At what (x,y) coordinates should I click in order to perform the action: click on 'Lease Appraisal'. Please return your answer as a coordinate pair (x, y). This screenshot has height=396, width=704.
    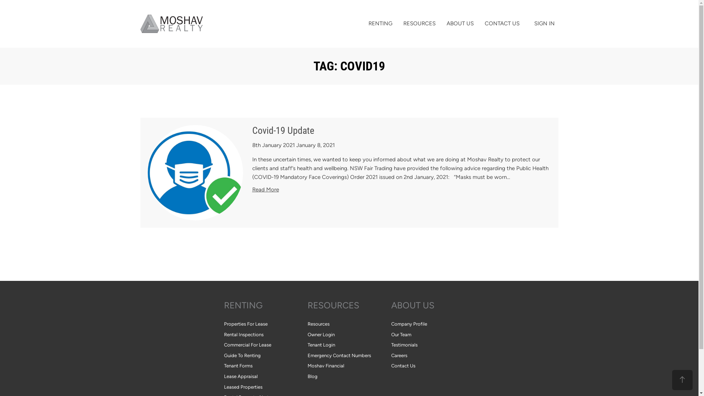
    Looking at the image, I should click on (265, 377).